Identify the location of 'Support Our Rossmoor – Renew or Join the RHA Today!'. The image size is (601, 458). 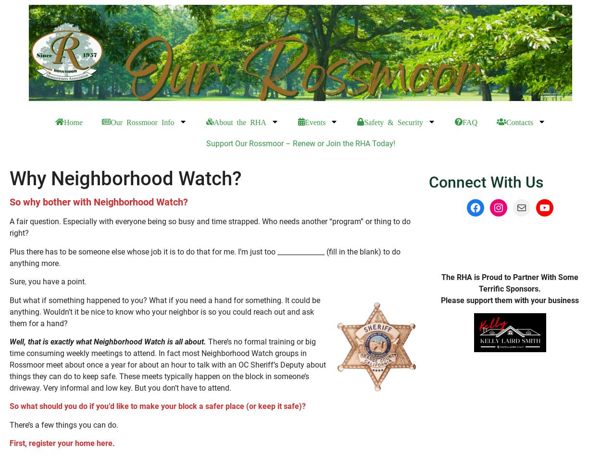
(206, 143).